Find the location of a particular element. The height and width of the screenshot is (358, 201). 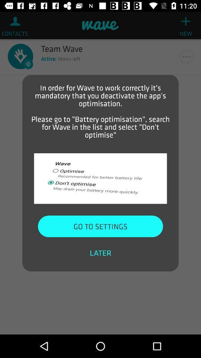

later icon is located at coordinates (100, 253).